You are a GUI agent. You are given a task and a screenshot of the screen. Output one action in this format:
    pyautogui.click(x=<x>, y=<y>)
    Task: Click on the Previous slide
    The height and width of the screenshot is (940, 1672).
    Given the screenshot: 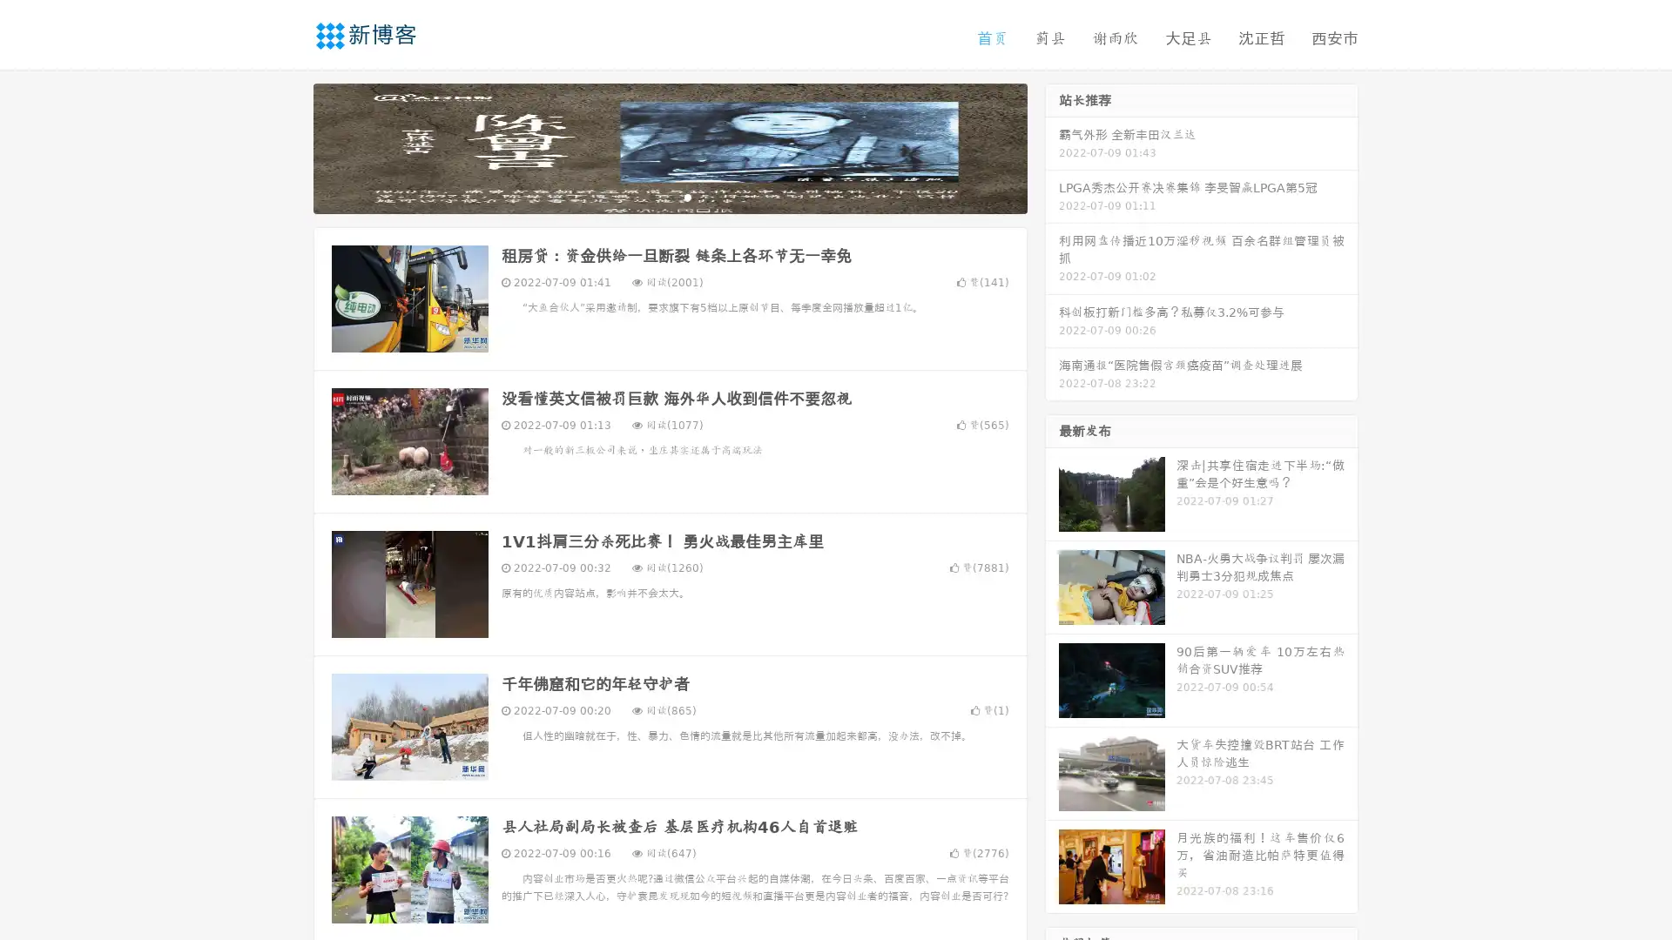 What is the action you would take?
    pyautogui.click(x=287, y=146)
    